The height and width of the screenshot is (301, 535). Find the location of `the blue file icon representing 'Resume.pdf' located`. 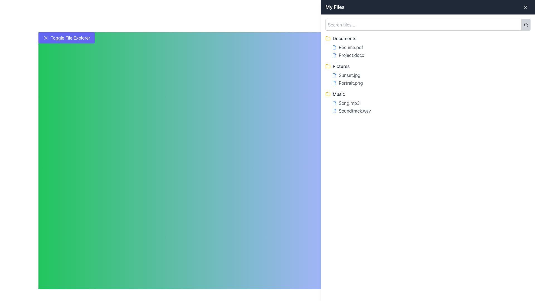

the blue file icon representing 'Resume.pdf' located is located at coordinates (334, 47).